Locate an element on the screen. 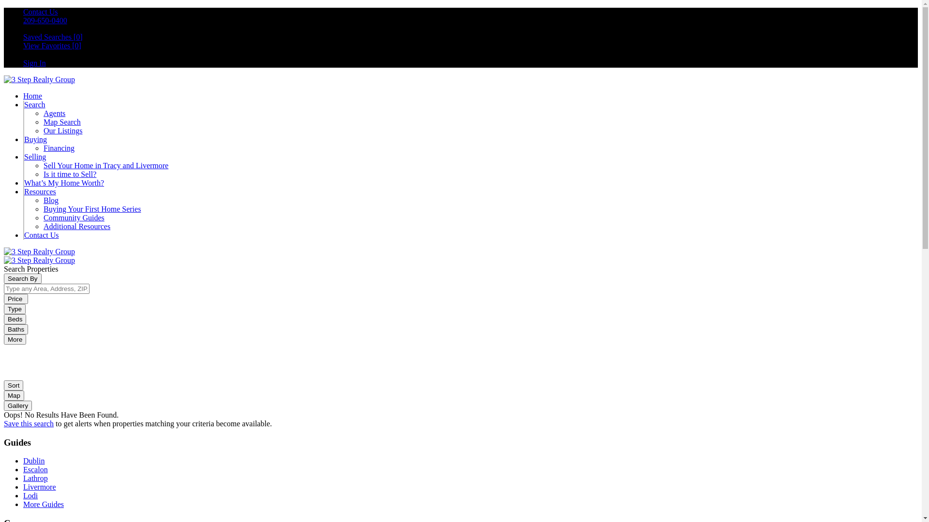 The height and width of the screenshot is (522, 929). 'Dublin' is located at coordinates (34, 460).